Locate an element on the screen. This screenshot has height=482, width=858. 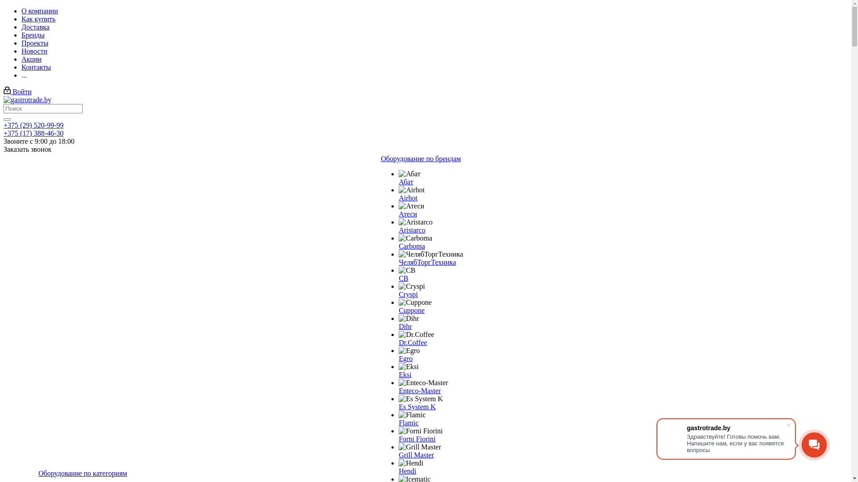
'CB' is located at coordinates (403, 278).